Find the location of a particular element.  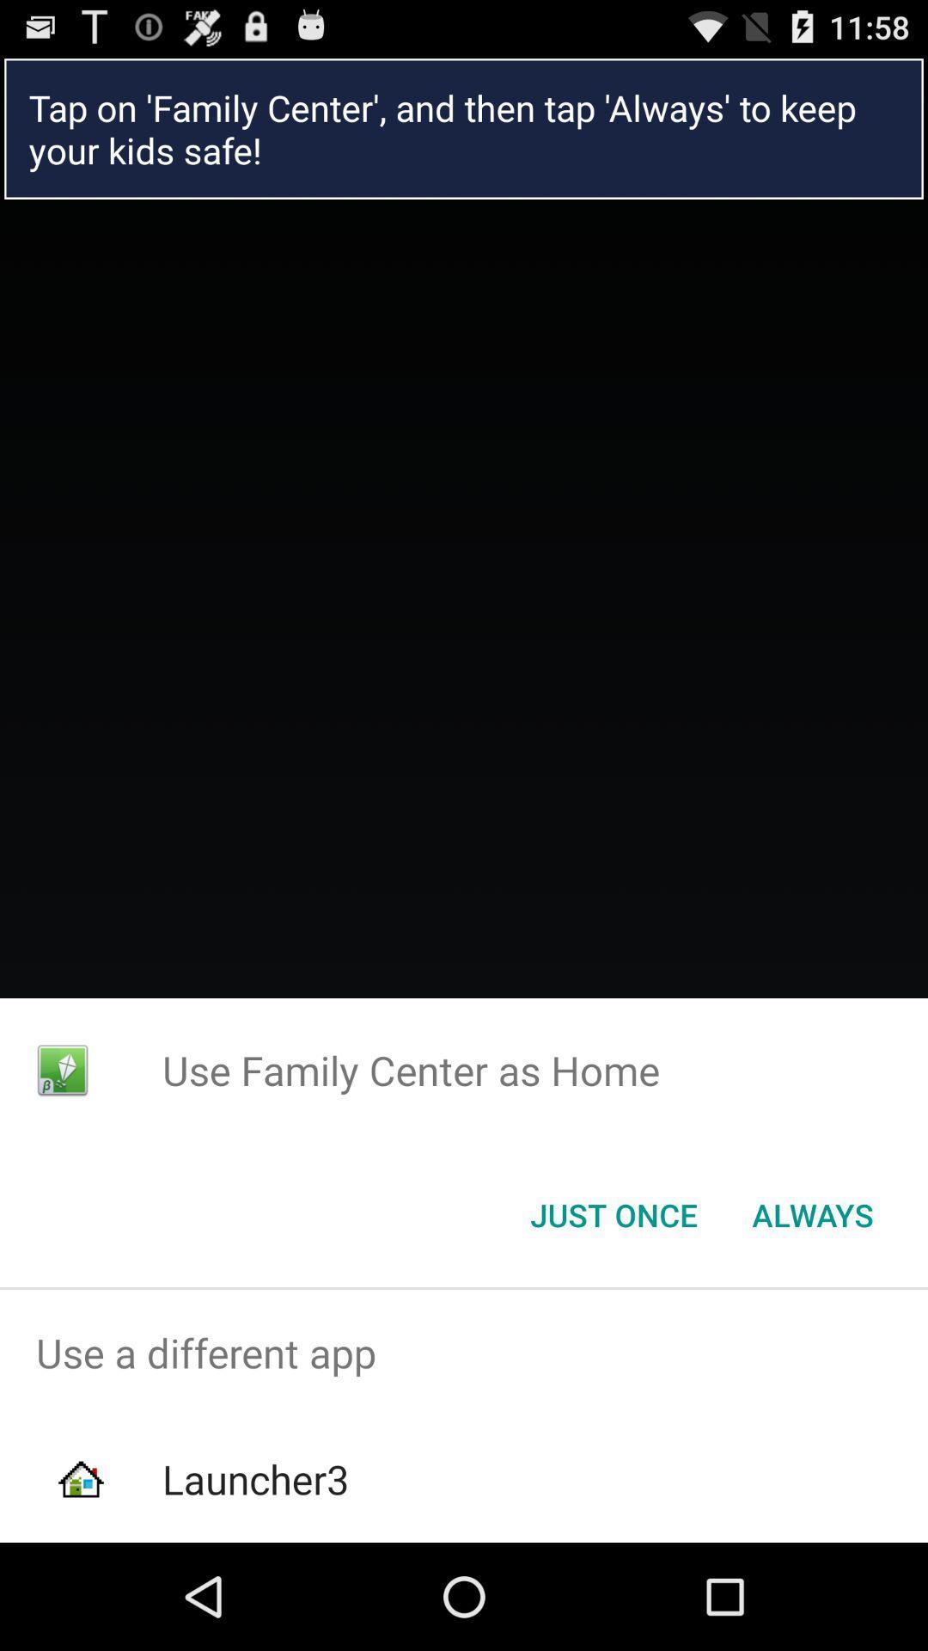

the item below use a different app is located at coordinates (255, 1478).